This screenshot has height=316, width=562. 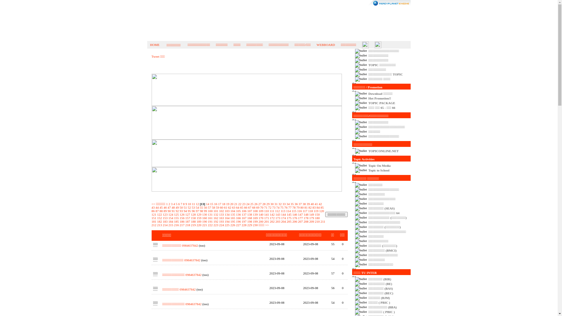 What do you see at coordinates (212, 207) in the screenshot?
I see `'58'` at bounding box center [212, 207].